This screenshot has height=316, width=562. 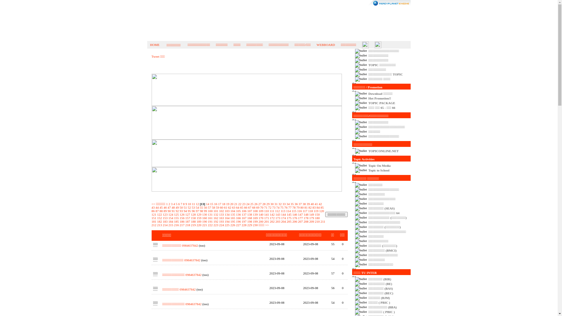 What do you see at coordinates (212, 207) in the screenshot?
I see `'58'` at bounding box center [212, 207].